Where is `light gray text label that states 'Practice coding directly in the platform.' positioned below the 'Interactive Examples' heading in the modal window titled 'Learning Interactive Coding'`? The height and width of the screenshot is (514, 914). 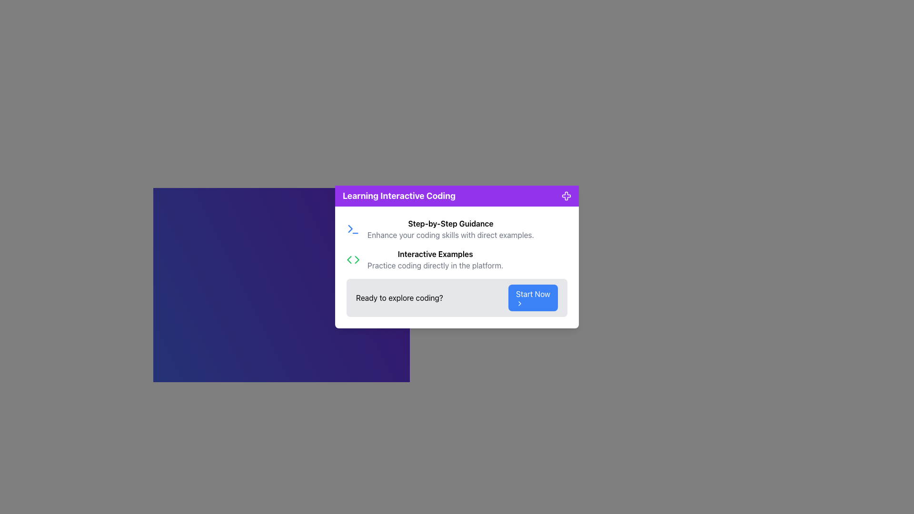 light gray text label that states 'Practice coding directly in the platform.' positioned below the 'Interactive Examples' heading in the modal window titled 'Learning Interactive Coding' is located at coordinates (435, 266).